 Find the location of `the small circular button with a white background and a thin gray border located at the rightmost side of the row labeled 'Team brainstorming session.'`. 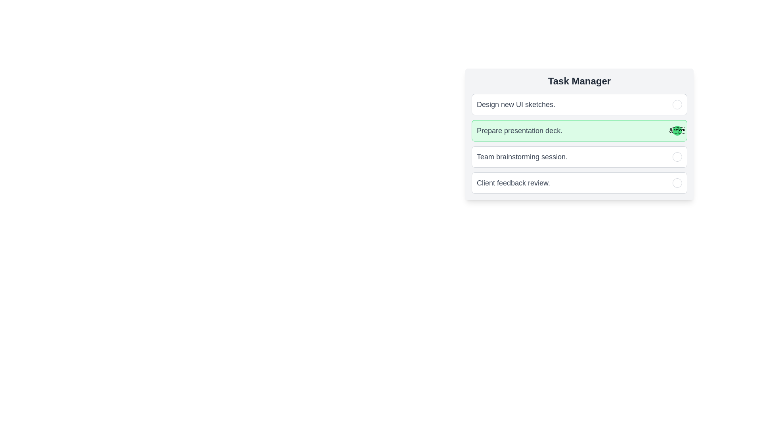

the small circular button with a white background and a thin gray border located at the rightmost side of the row labeled 'Team brainstorming session.' is located at coordinates (677, 157).